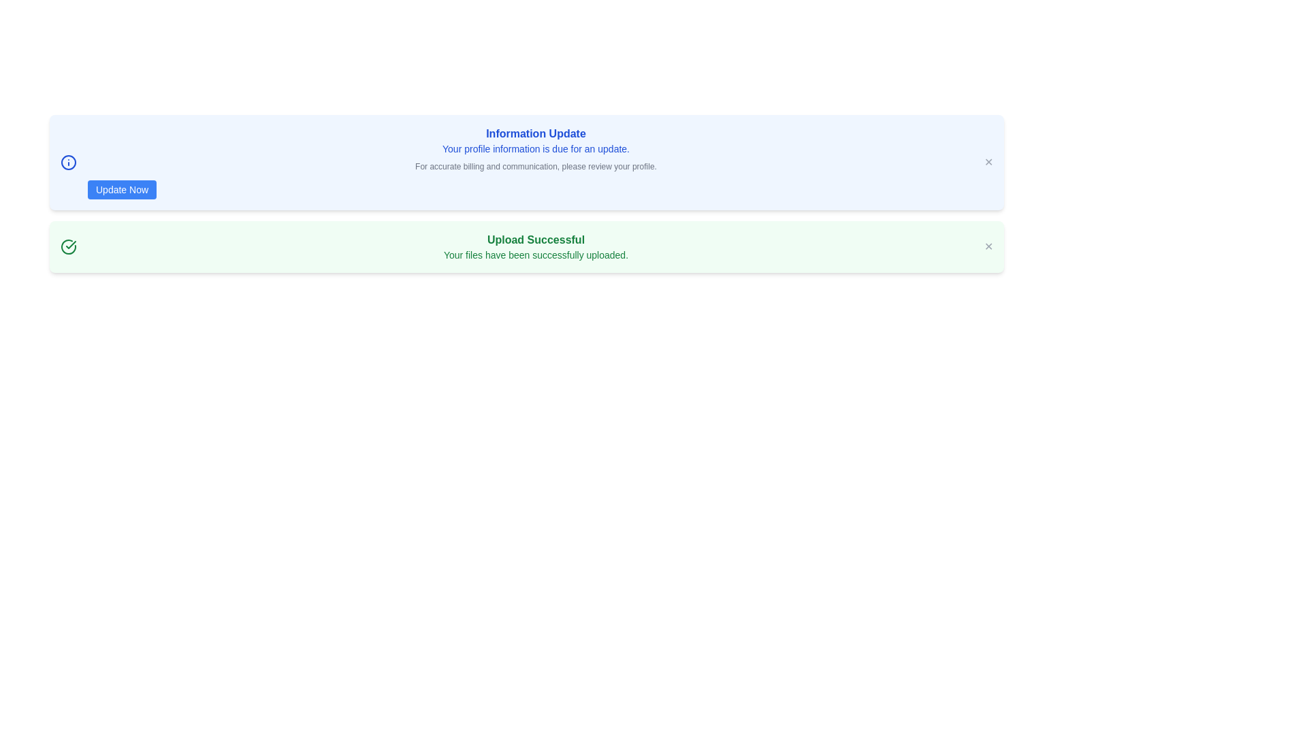 The image size is (1307, 735). What do you see at coordinates (67, 246) in the screenshot?
I see `the circular icon with a checkmark inside, which is located on the left side of the green notification bar that says 'Upload Successful'` at bounding box center [67, 246].